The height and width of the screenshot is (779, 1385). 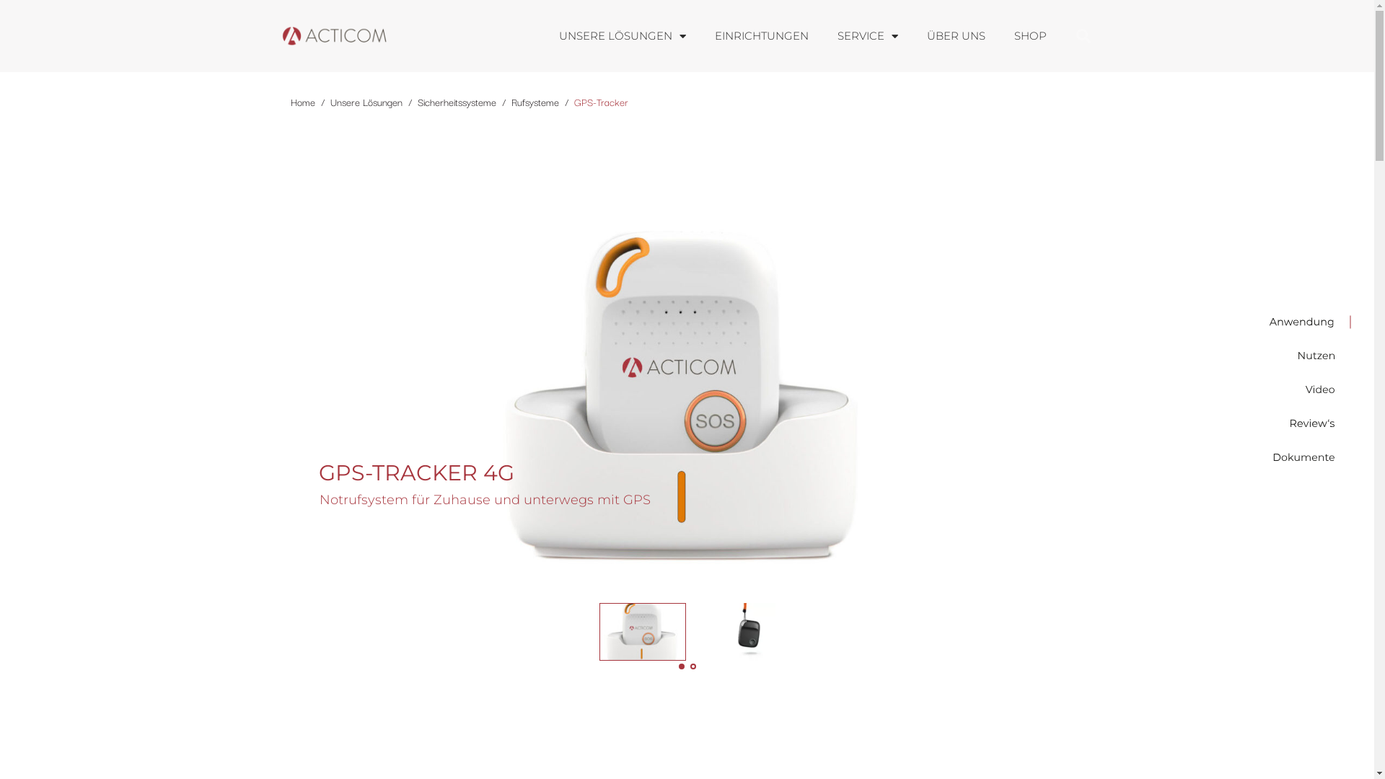 What do you see at coordinates (455, 101) in the screenshot?
I see `'Sicherheitssysteme'` at bounding box center [455, 101].